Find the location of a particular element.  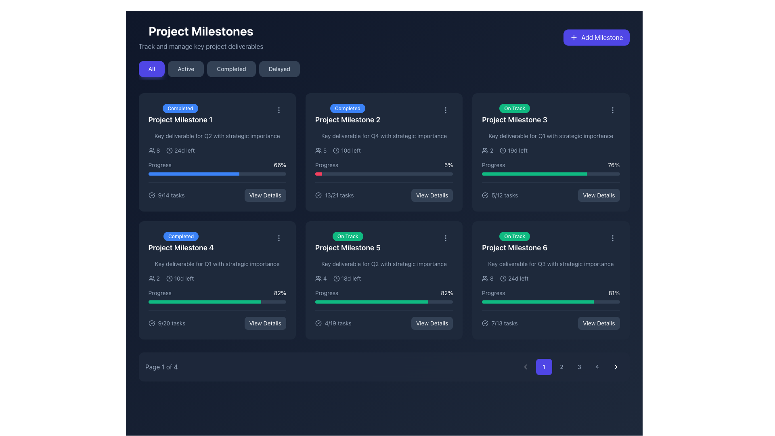

the completion status icon (SVG) that visually indicates the task completion for the milestone, located in the bottom section of the 'Project Milestone 1' card is located at coordinates (151, 195).